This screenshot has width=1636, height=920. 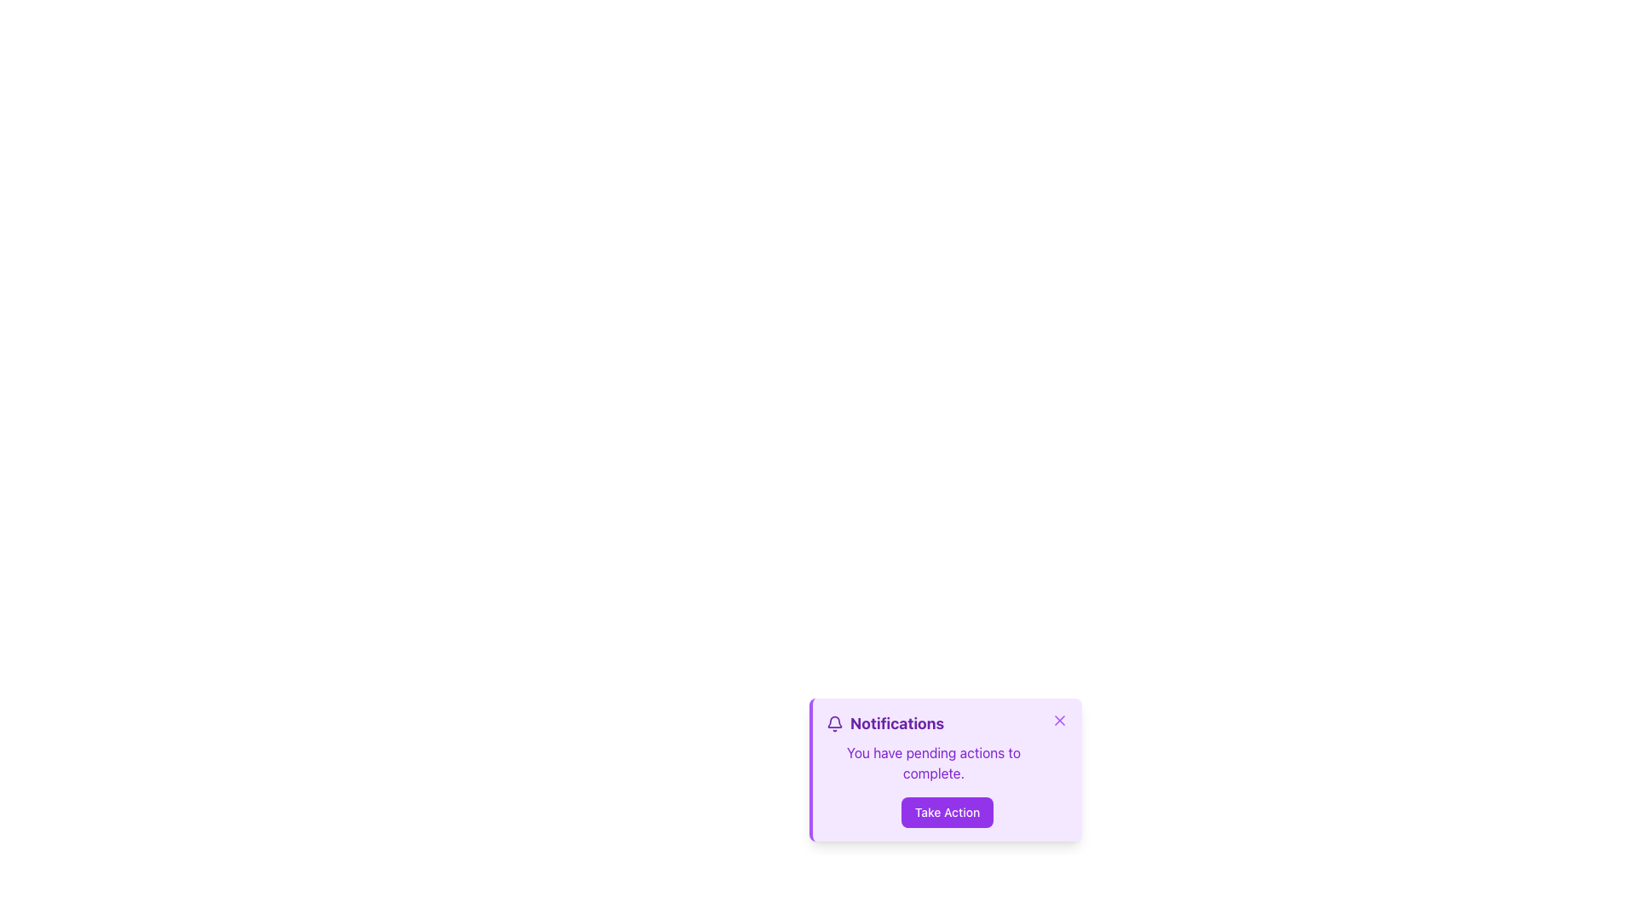 What do you see at coordinates (834, 723) in the screenshot?
I see `the bell icon located at the top-left corner of the notification card, adjacent to the 'Notifications' text` at bounding box center [834, 723].